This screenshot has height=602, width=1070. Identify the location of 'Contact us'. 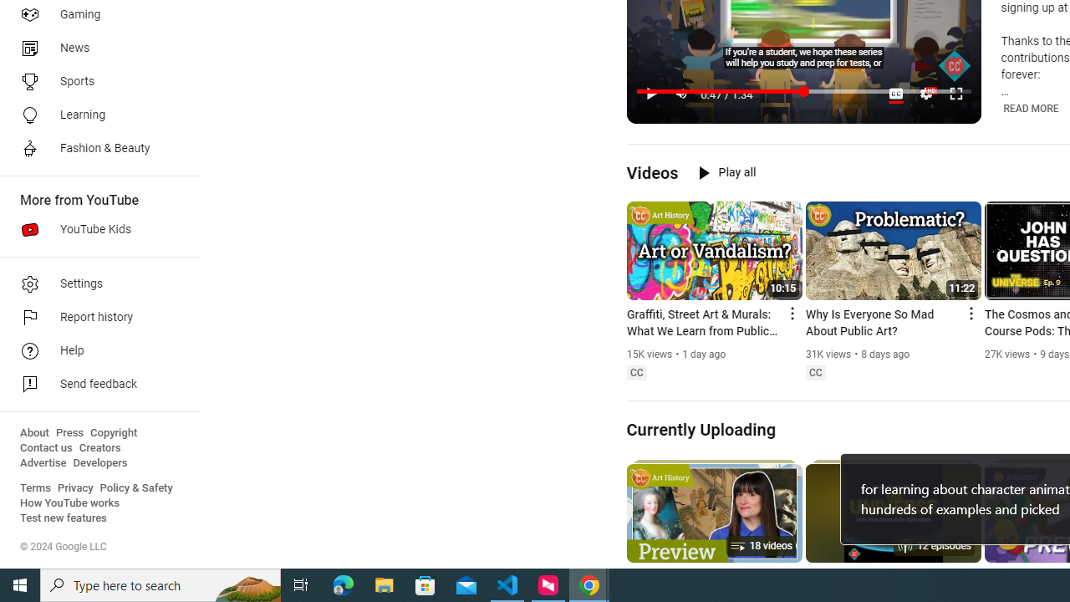
(46, 447).